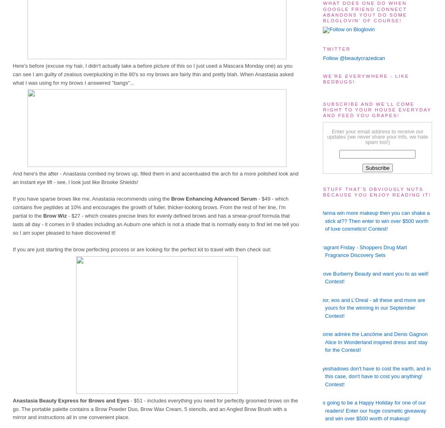  I want to click on 'Come admire the Lancôme and Denis Gagnon Alice In Wonderland inspired dress and stay for the Contest!', so click(373, 342).